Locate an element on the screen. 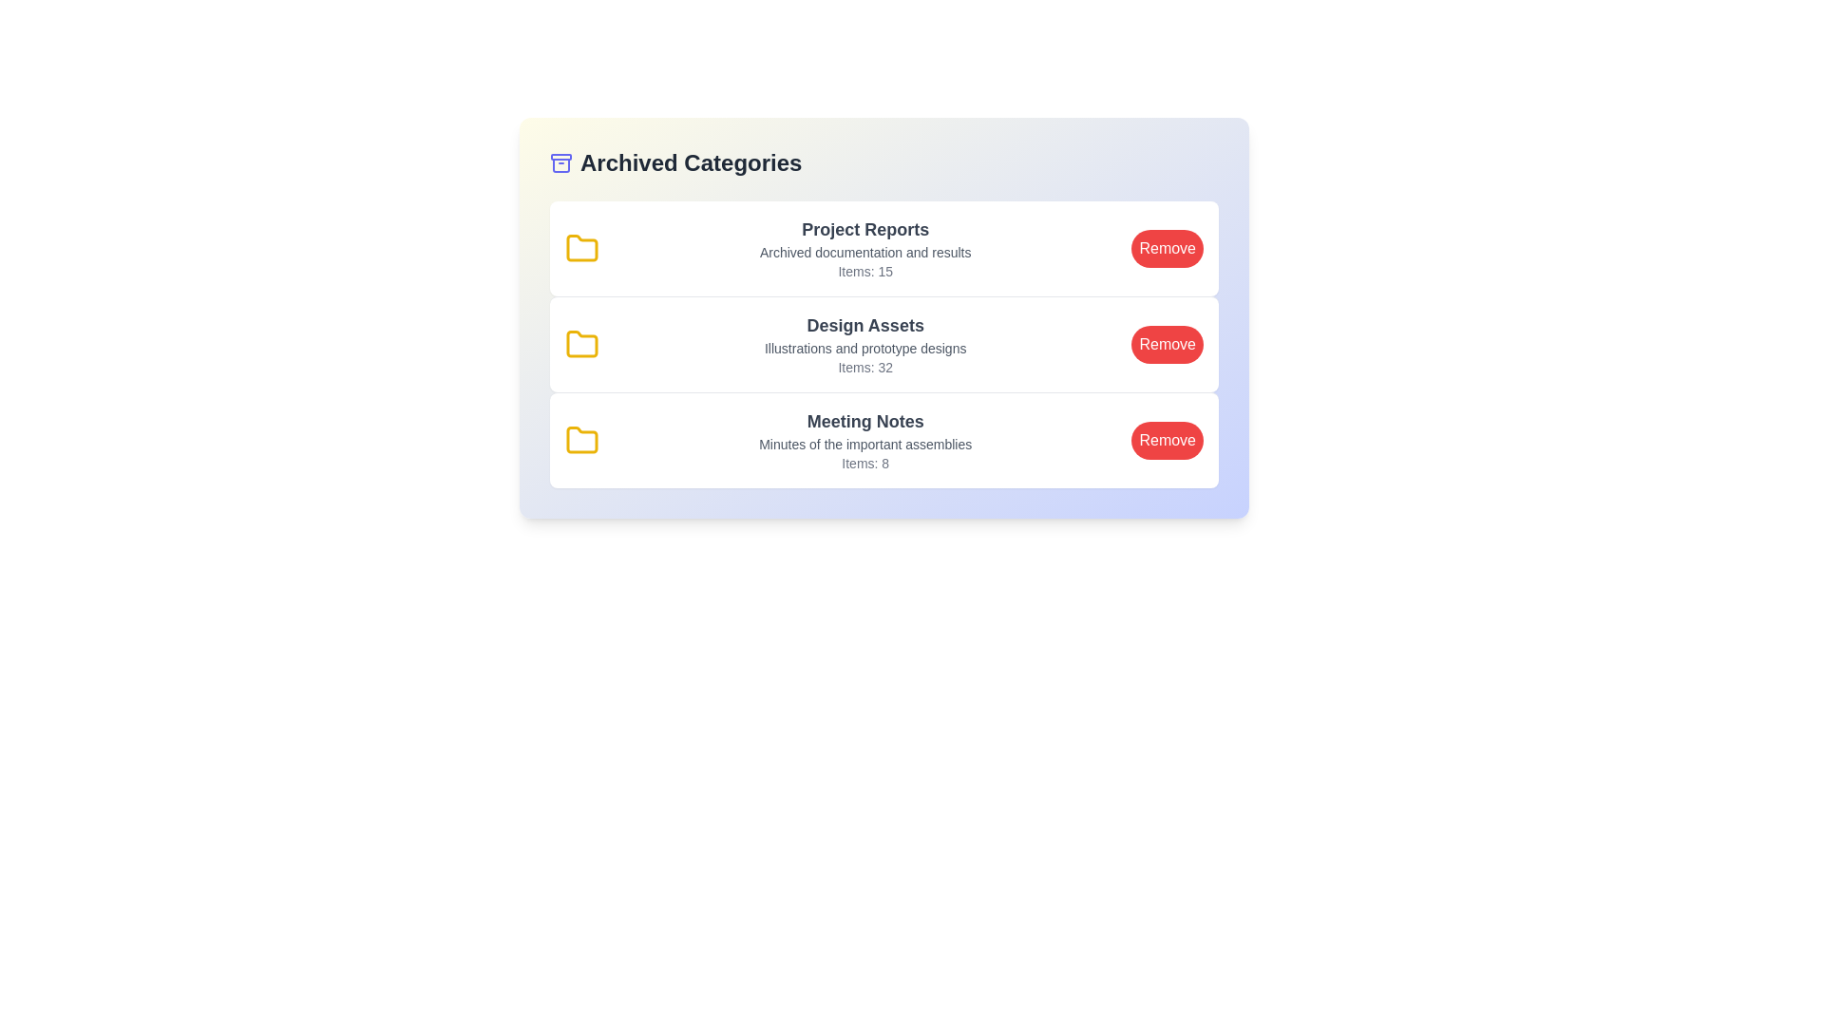 This screenshot has height=1026, width=1824. 'Remove' button for the category Design Assets is located at coordinates (1167, 344).